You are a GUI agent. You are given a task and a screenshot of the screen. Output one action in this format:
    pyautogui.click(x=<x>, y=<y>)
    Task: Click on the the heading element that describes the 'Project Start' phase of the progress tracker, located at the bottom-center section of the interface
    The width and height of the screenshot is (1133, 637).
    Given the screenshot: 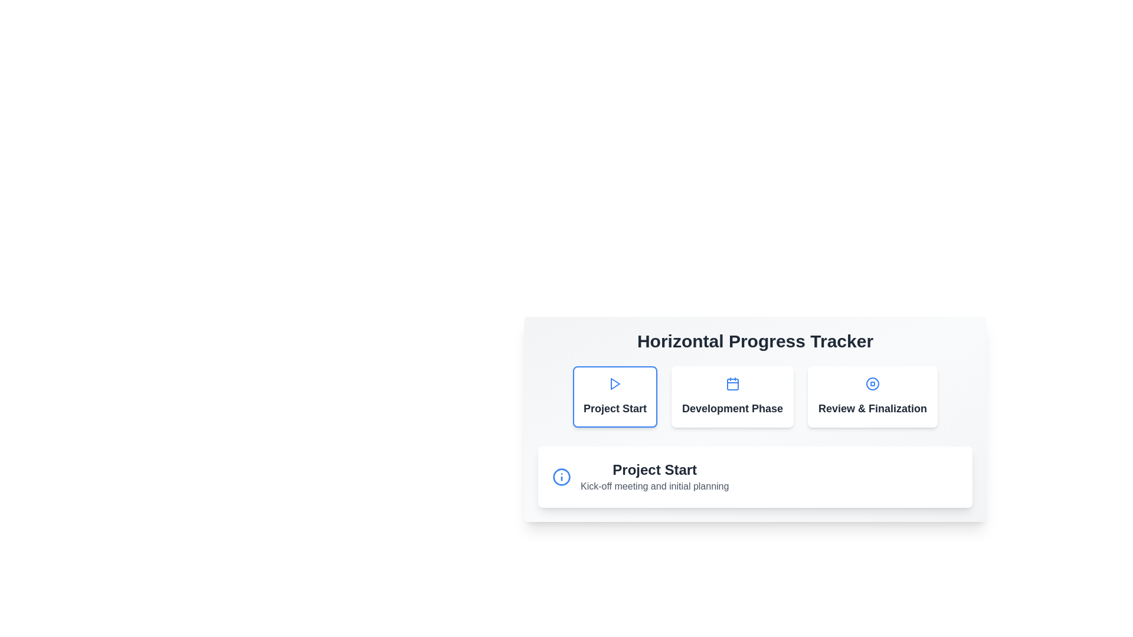 What is the action you would take?
    pyautogui.click(x=654, y=469)
    